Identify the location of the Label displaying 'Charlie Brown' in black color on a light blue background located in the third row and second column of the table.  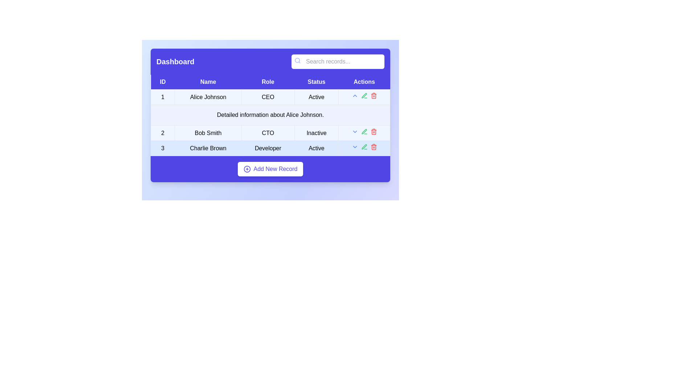
(208, 148).